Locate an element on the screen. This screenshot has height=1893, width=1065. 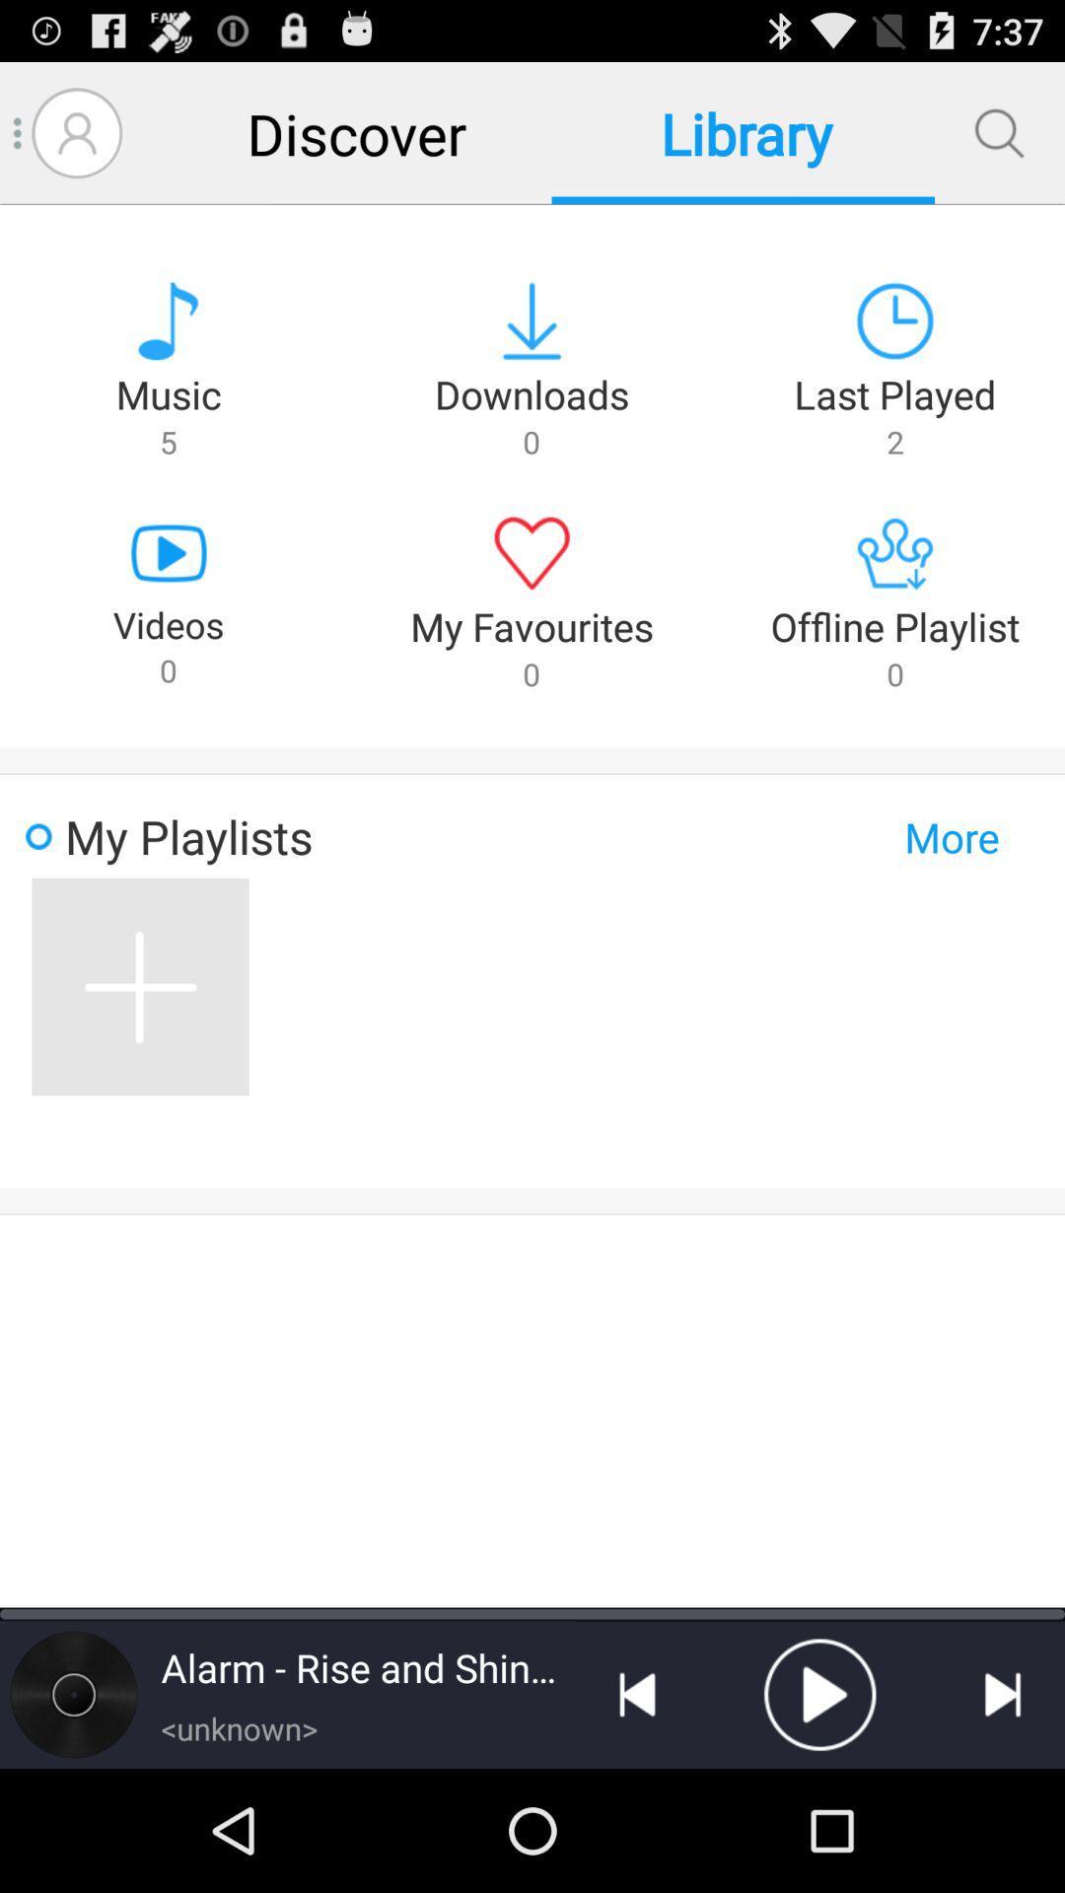
the search icon is located at coordinates (999, 141).